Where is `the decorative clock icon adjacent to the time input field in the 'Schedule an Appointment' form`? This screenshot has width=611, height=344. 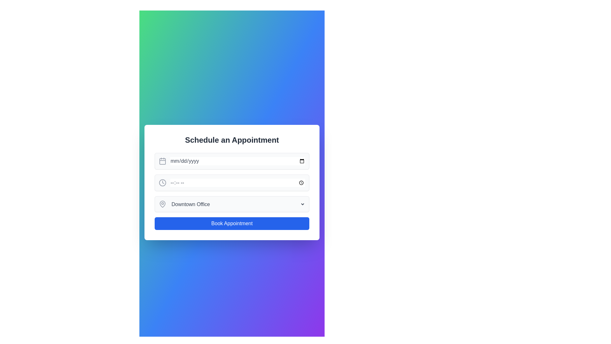 the decorative clock icon adjacent to the time input field in the 'Schedule an Appointment' form is located at coordinates (162, 183).